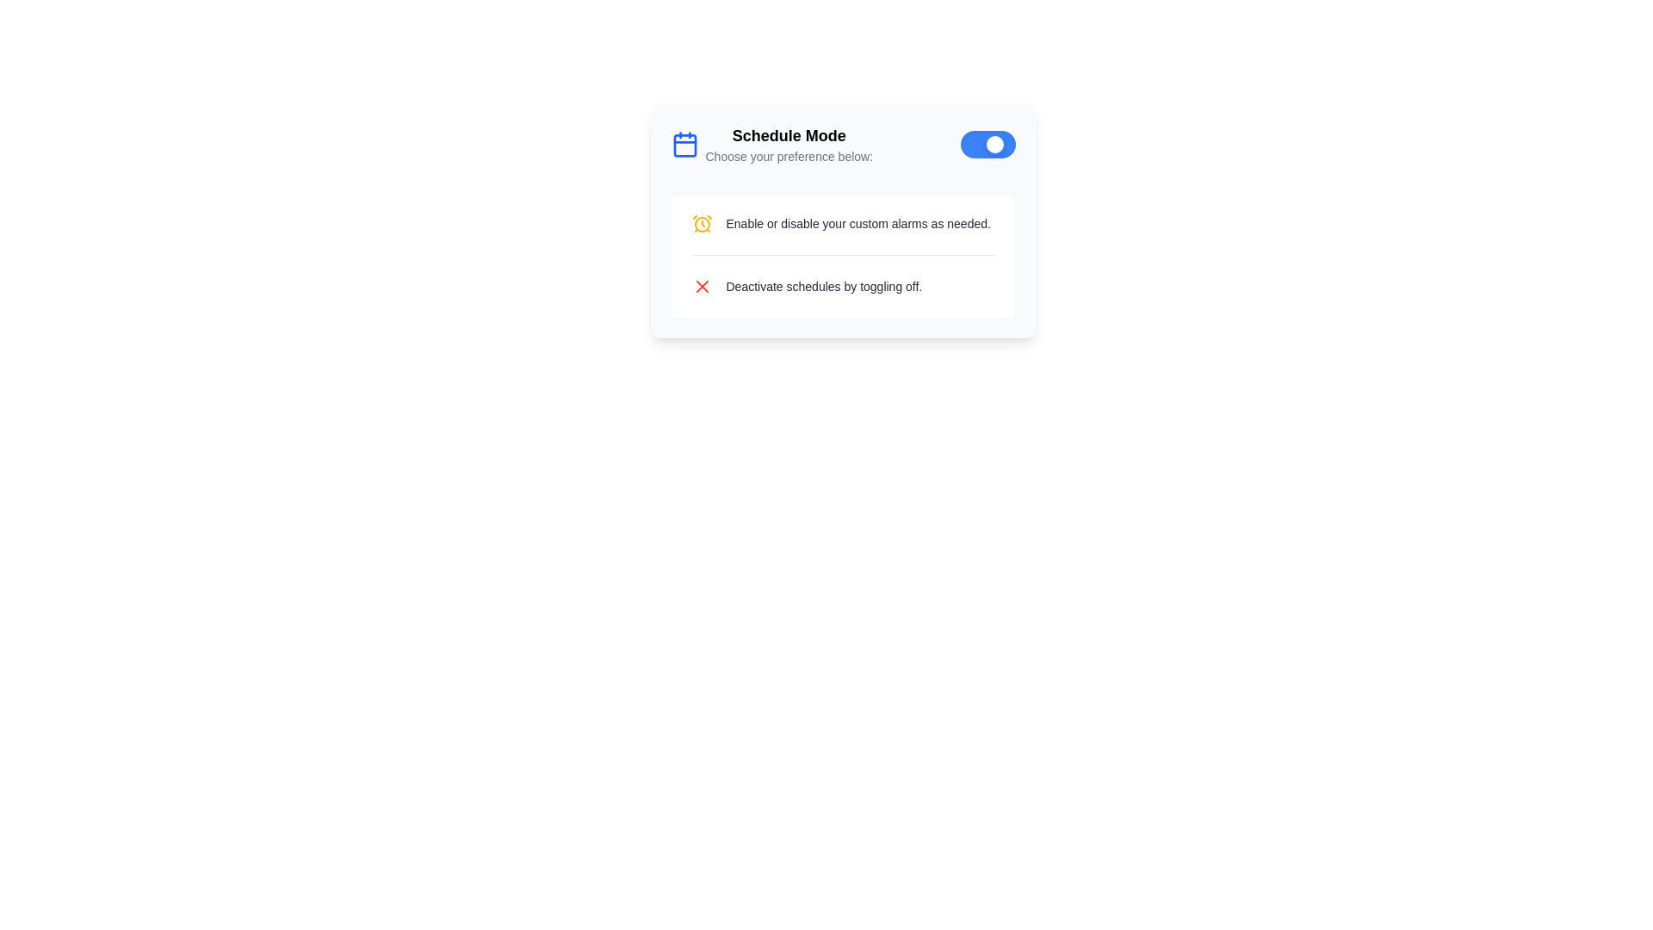 Image resolution: width=1653 pixels, height=930 pixels. I want to click on the interactive icon in the Text block that provides instructions on deactivating schedules, located below the 'Enable or disable your custom alarms as needed.' item, so click(843, 285).